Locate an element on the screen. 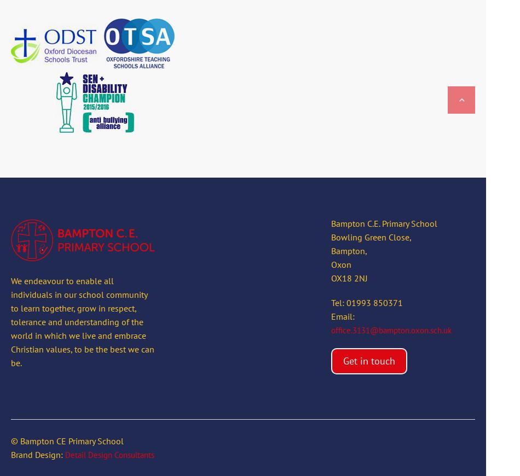  'We endeavour to enable all individuals in our school community to learn together, grow in respect, tolerance and understanding of the world in which we live and embrace Christian values, to be the best we can be.' is located at coordinates (82, 321).